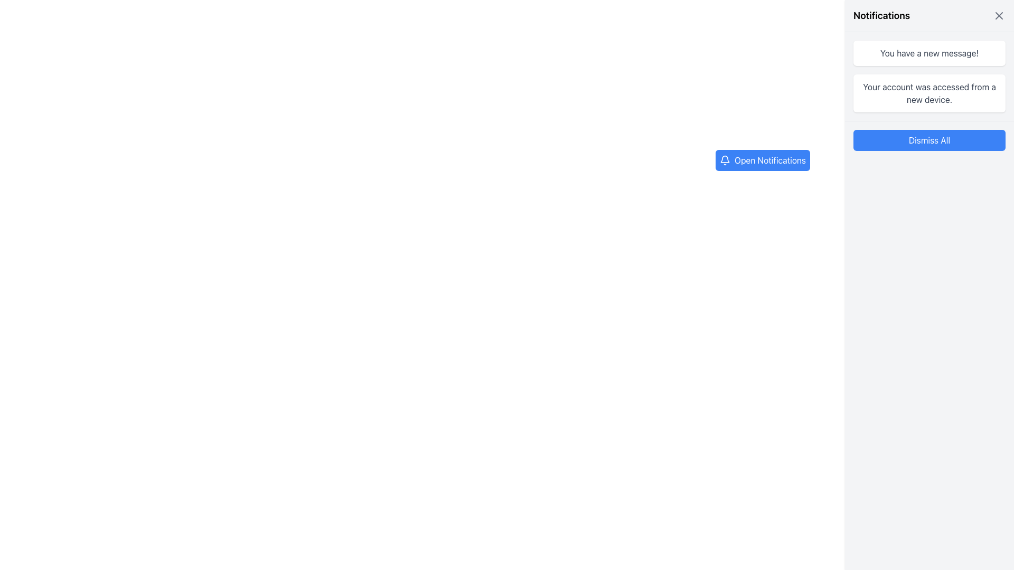 This screenshot has height=570, width=1014. What do you see at coordinates (724, 160) in the screenshot?
I see `the notification icon located to the left of the 'Open Notifications' button` at bounding box center [724, 160].